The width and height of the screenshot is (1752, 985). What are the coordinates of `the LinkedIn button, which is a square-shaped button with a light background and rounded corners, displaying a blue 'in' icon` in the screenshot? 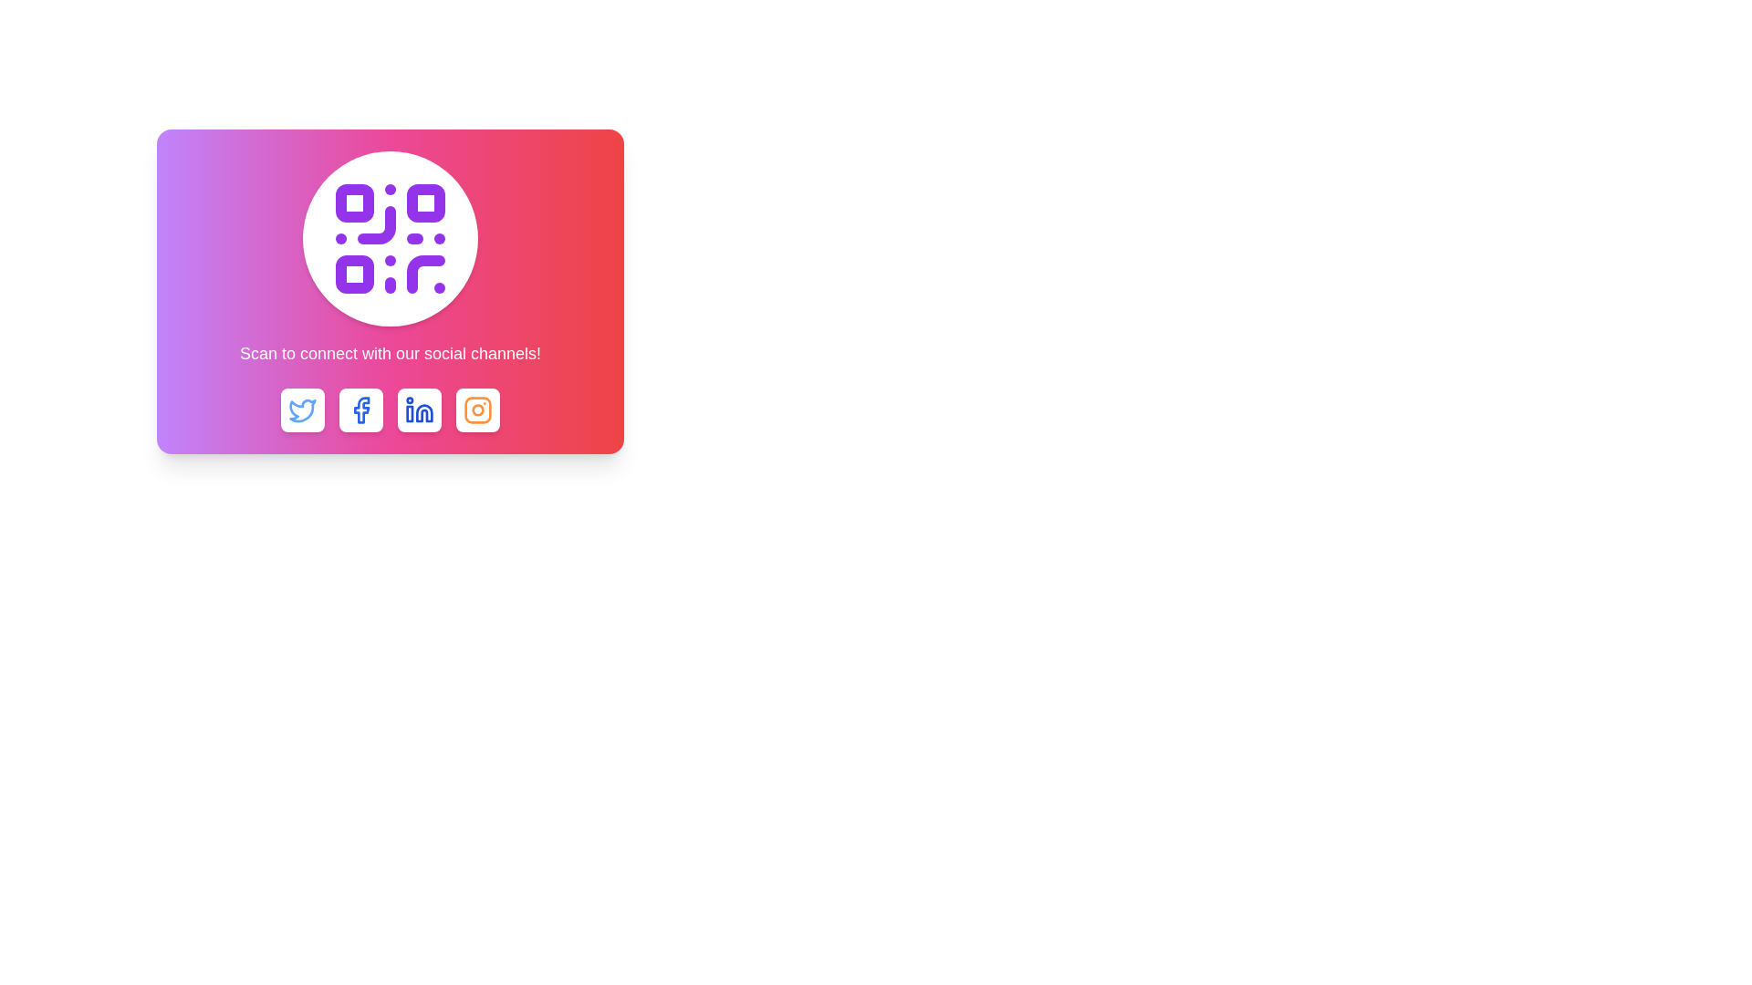 It's located at (419, 410).